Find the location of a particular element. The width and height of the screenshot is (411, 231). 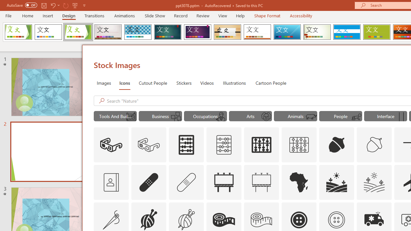

'Integral' is located at coordinates (137, 32).